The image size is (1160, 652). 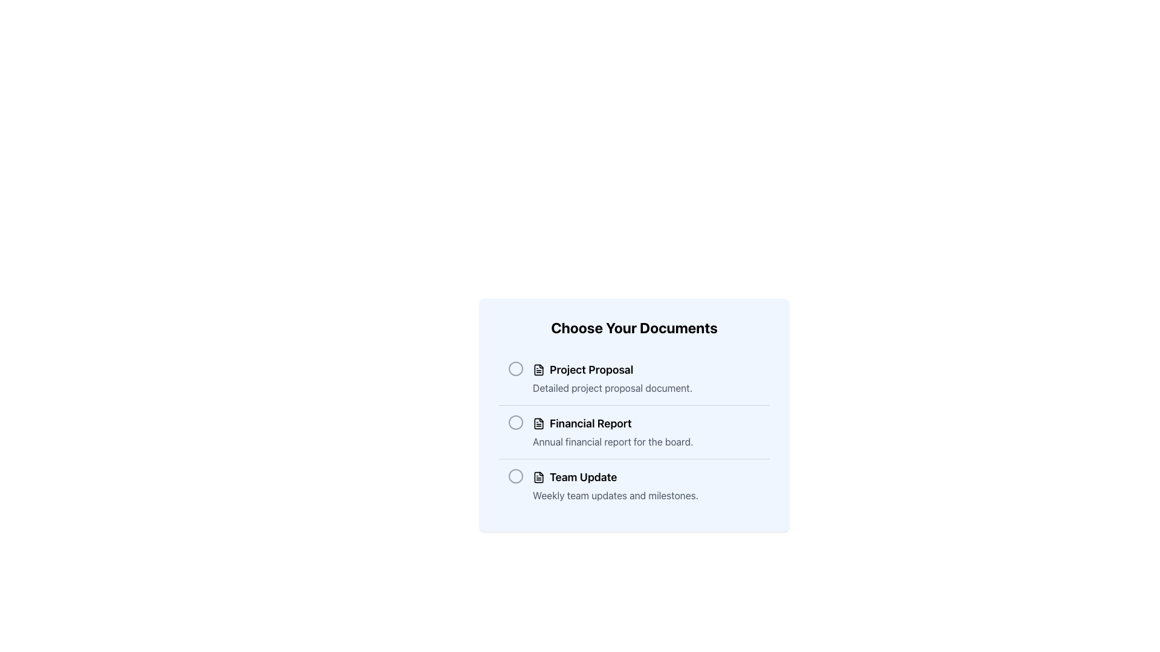 I want to click on informative Text Label that accompanies the 'Team Update' heading, positioned below it in the layout, so click(x=616, y=496).